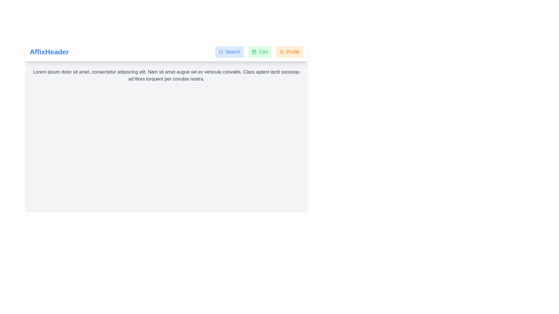  What do you see at coordinates (49, 51) in the screenshot?
I see `the prominently styled text 'AffixHeader' which is bold, large, and blue, located on the far left of the sticky top navigation bar` at bounding box center [49, 51].